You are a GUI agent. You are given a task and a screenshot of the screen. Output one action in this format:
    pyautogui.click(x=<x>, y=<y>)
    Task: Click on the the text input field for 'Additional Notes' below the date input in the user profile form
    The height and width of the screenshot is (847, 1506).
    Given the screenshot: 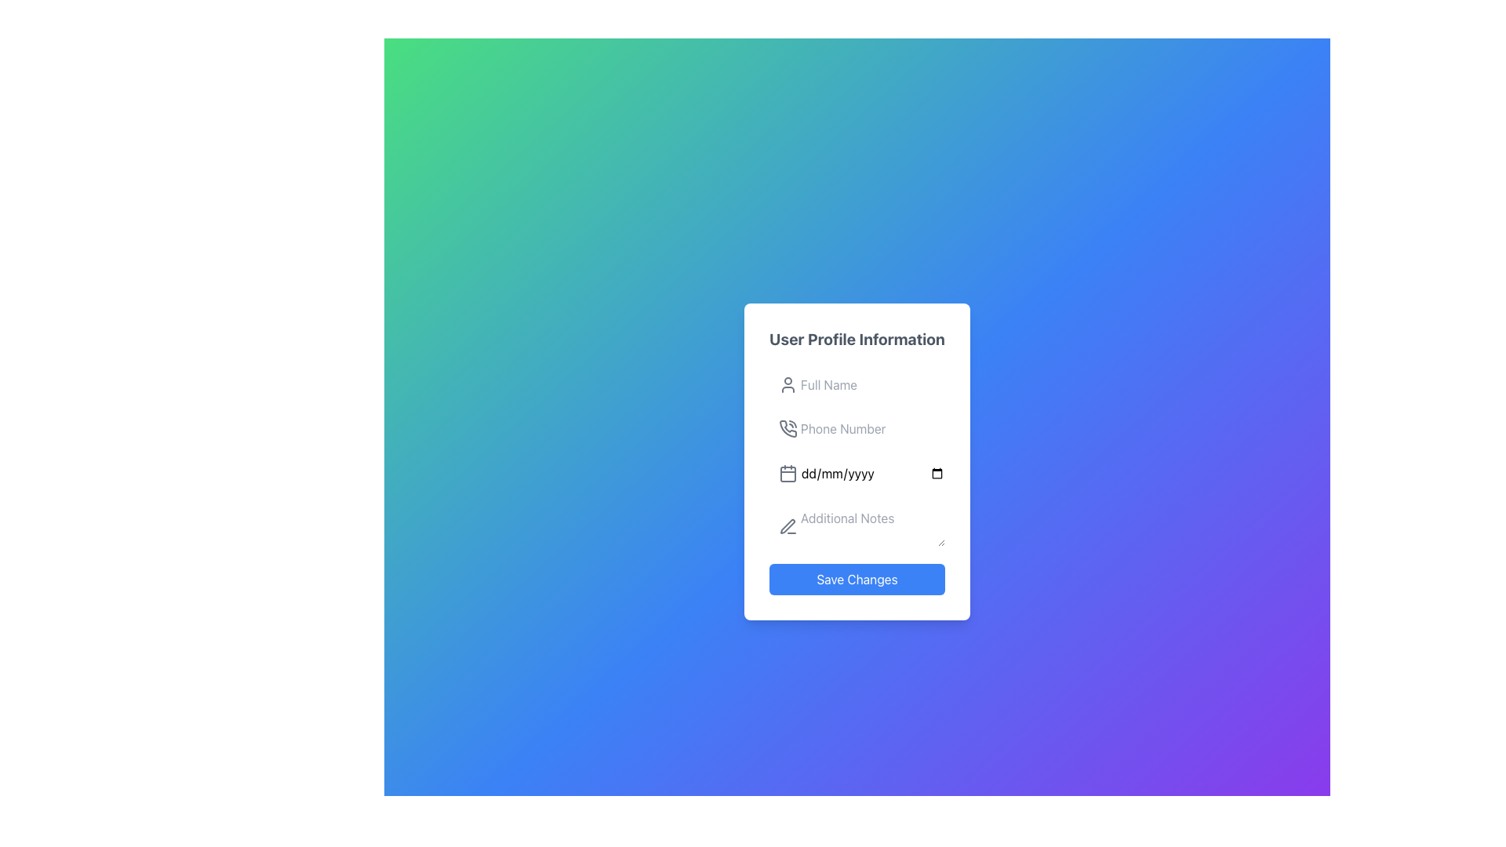 What is the action you would take?
    pyautogui.click(x=857, y=524)
    